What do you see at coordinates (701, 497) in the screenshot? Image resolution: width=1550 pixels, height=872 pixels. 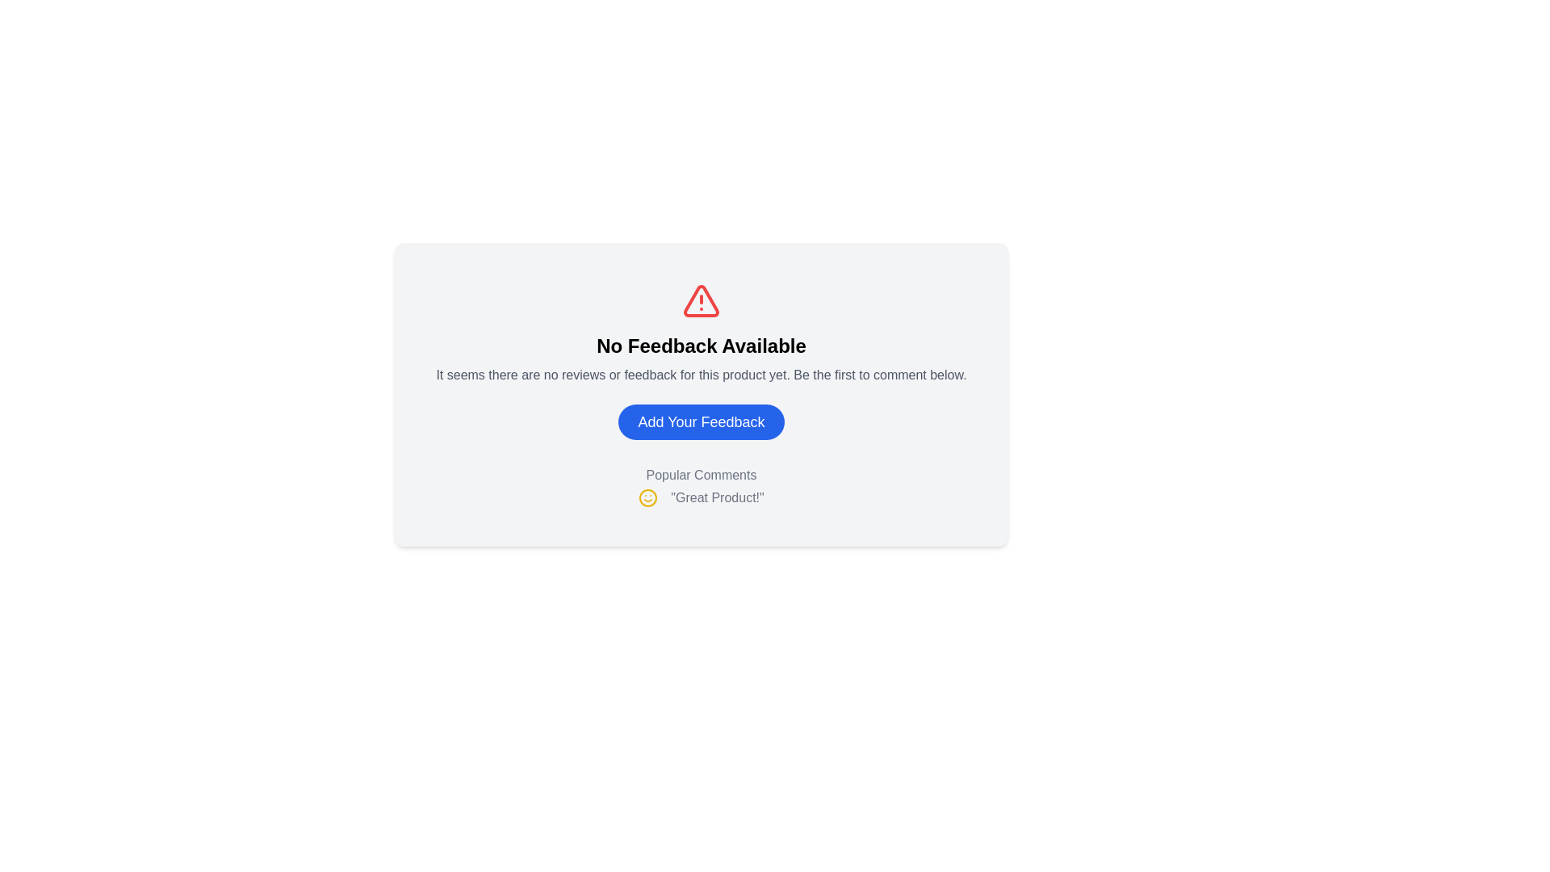 I see `the combination element that consists of the text 'Great Product!' and a yellow smiley face icon, located under the heading 'Popular Comments.'` at bounding box center [701, 497].